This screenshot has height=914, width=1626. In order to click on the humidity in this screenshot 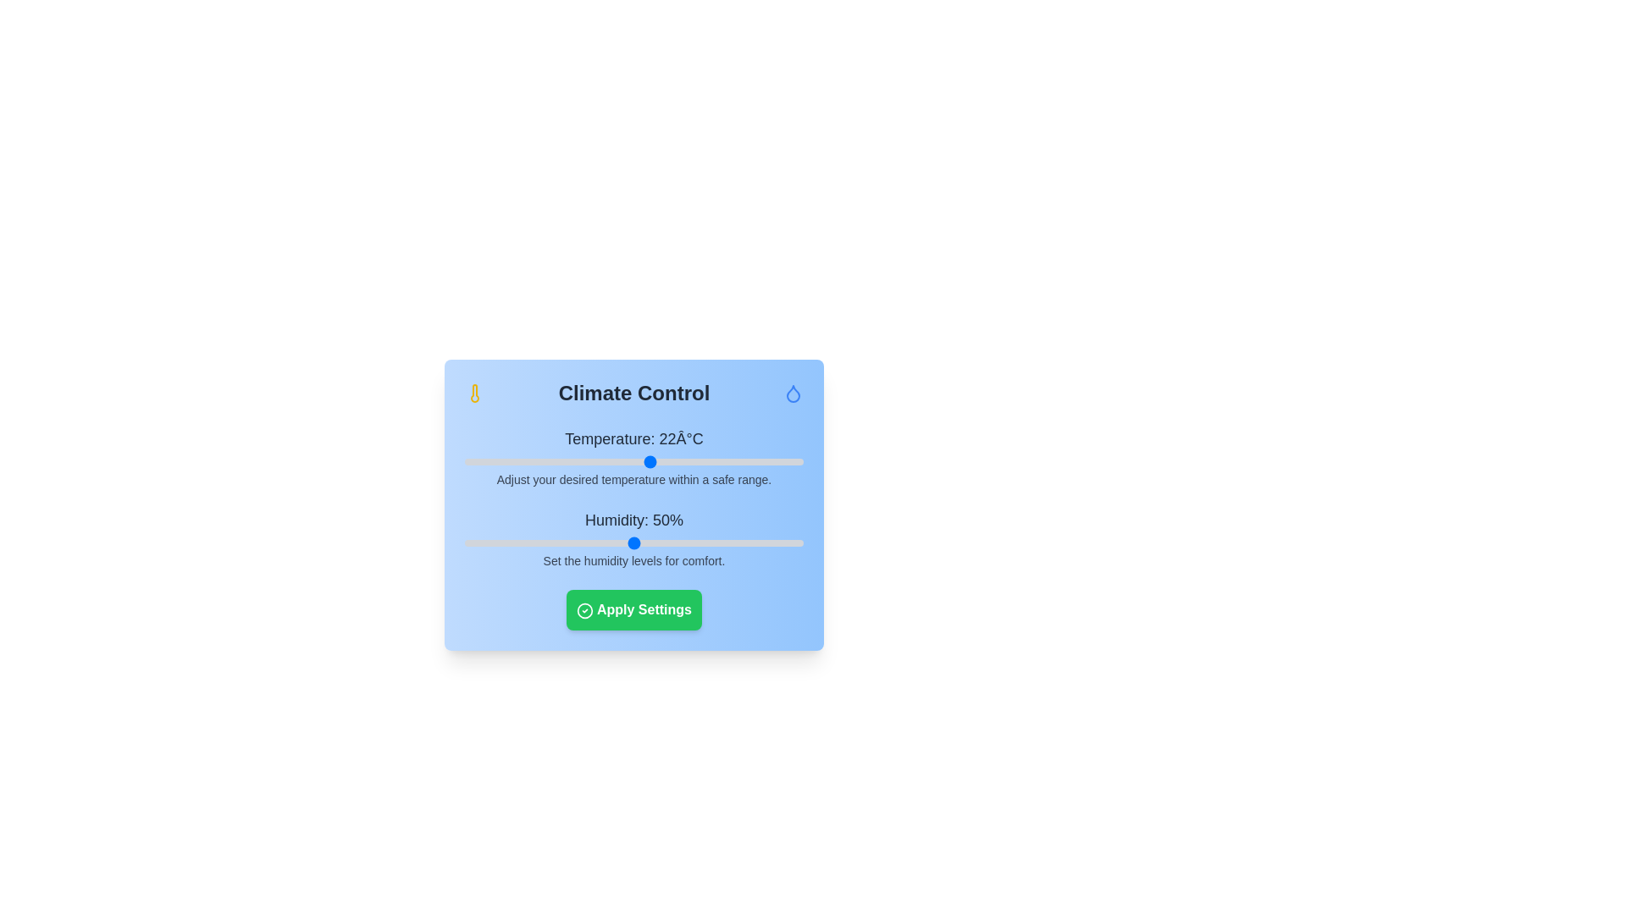, I will do `click(685, 542)`.